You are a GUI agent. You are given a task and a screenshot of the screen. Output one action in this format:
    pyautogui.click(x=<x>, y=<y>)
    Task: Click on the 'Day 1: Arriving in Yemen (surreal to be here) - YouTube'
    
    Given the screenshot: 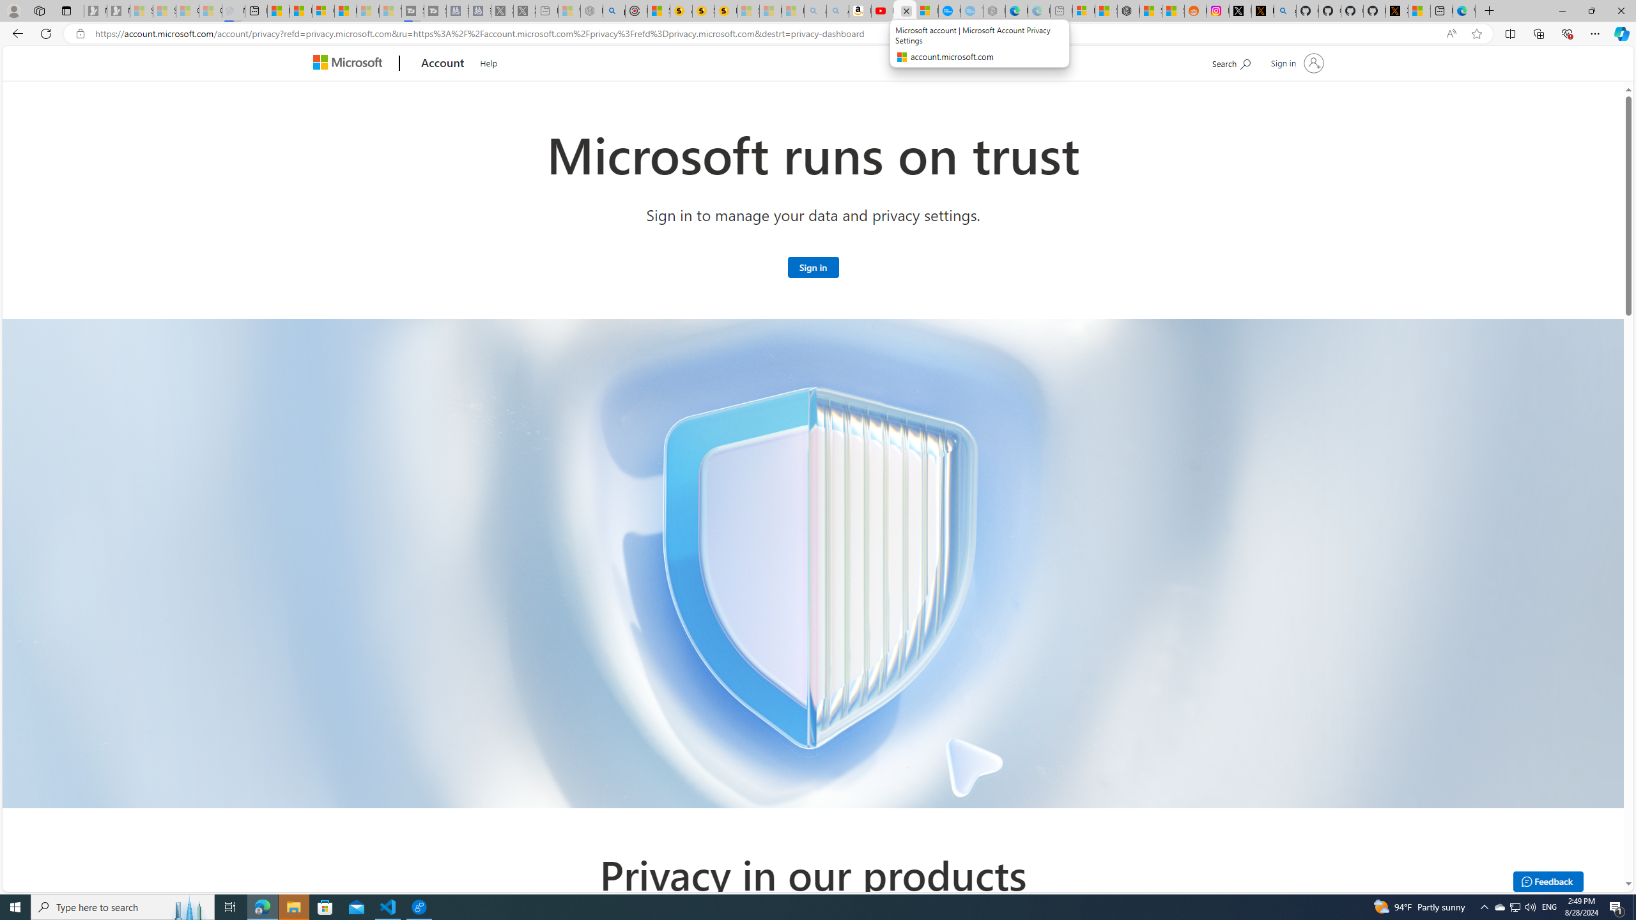 What is the action you would take?
    pyautogui.click(x=883, y=10)
    